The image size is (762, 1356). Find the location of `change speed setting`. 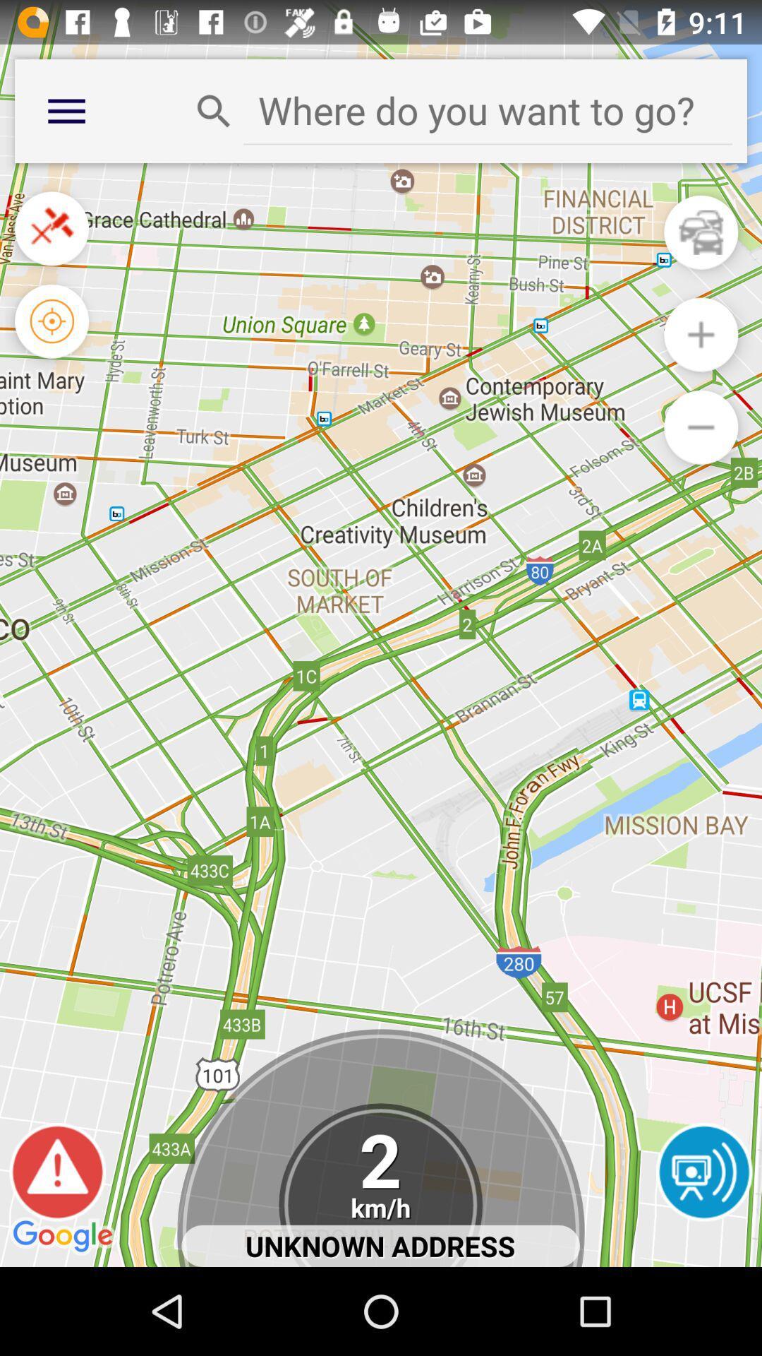

change speed setting is located at coordinates (380, 1185).